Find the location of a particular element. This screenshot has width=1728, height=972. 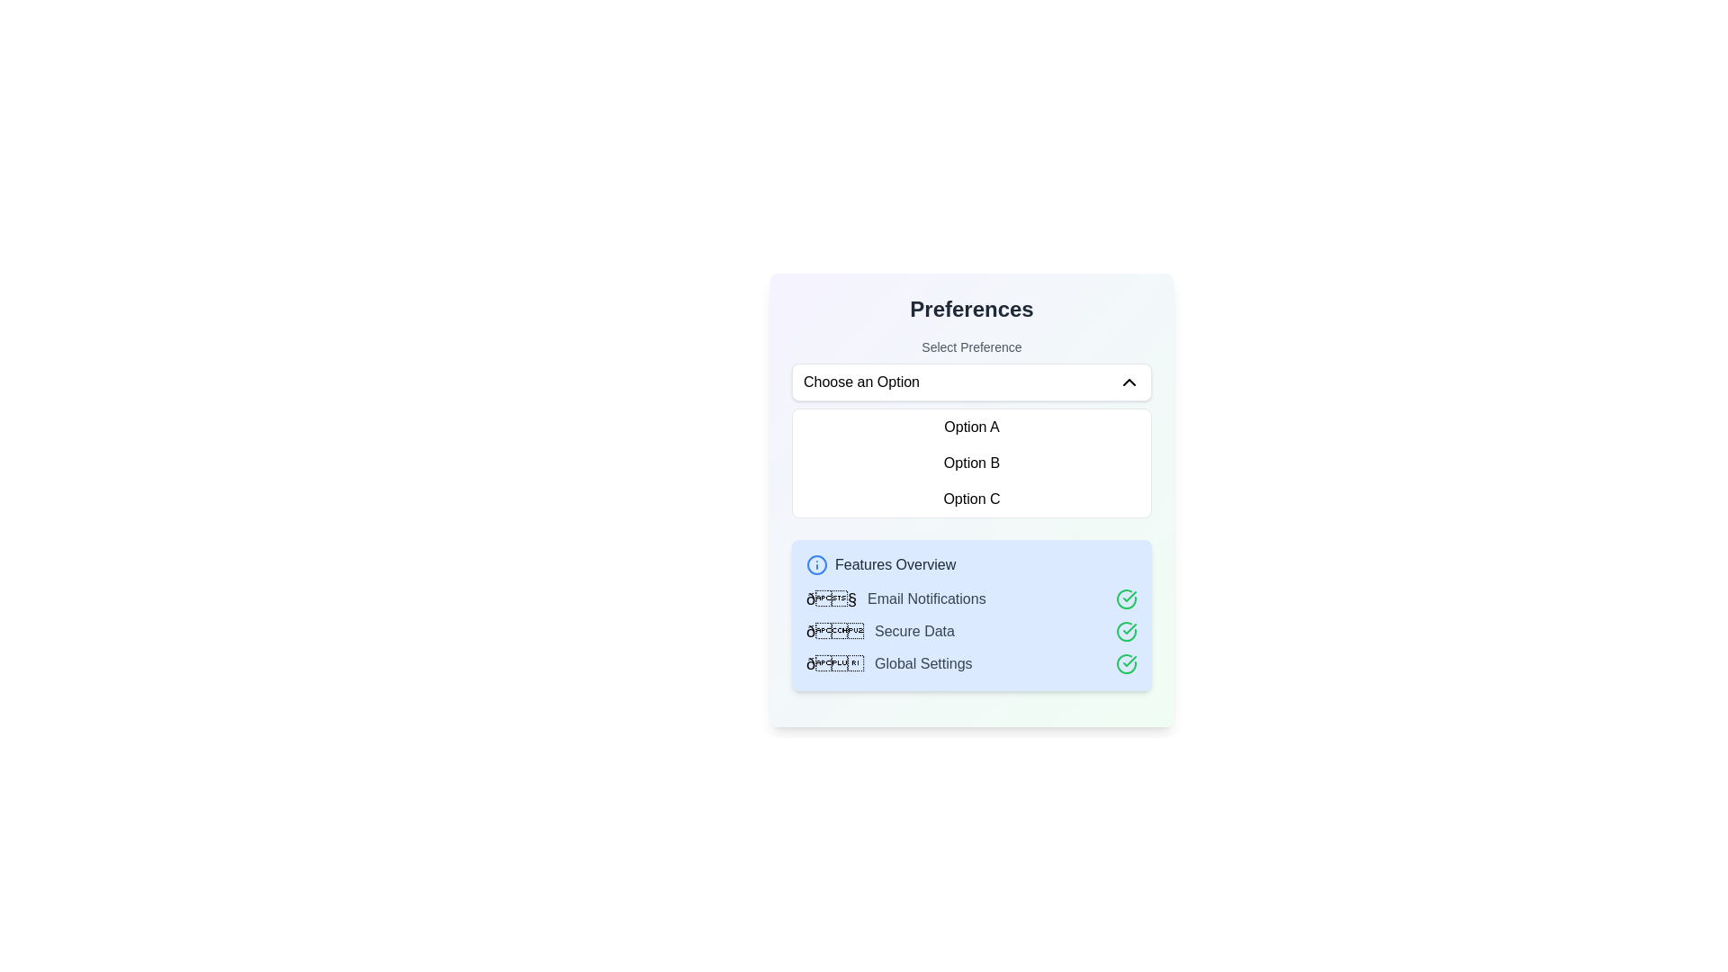

the circular icon with a green outline and a white checkmark symbol, which is located next to the 'Global Settings' text at the bottom of the feature list is located at coordinates (1126, 663).